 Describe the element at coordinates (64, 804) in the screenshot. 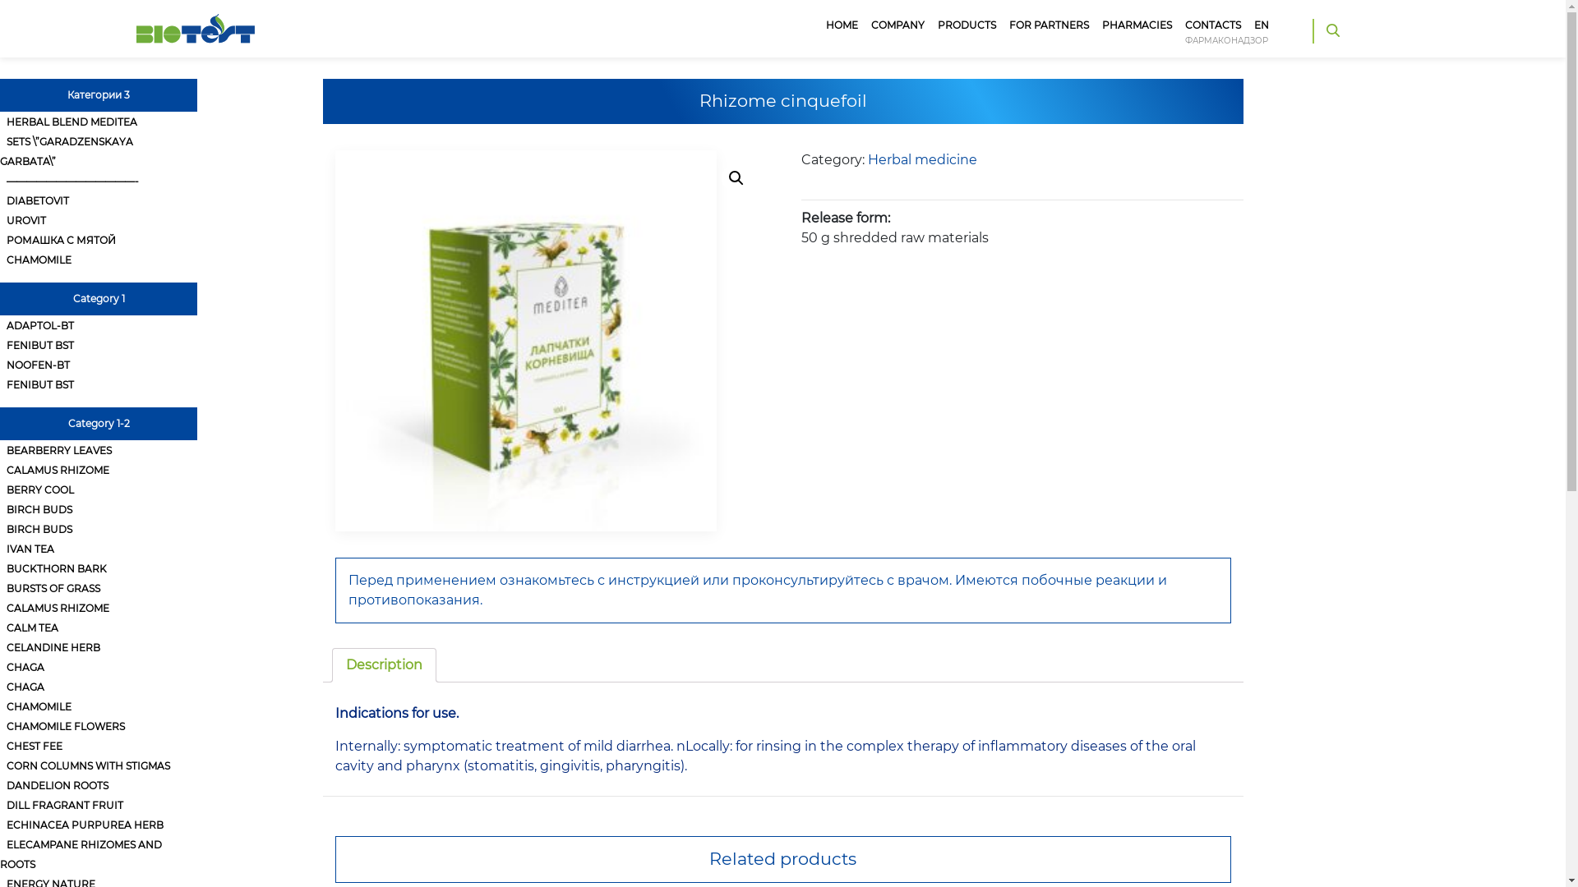

I see `'DILL FRAGRANT FRUIT'` at that location.